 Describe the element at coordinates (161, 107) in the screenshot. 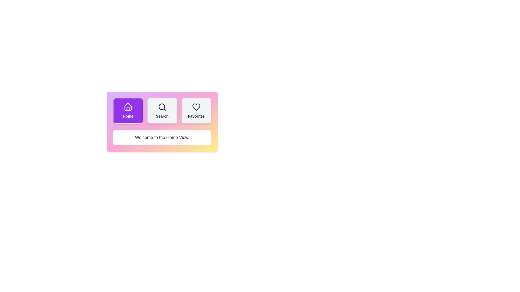

I see `the center of the inner circle of the 'Search' button, which is located in the middle of three buttons within a horizontally aligned card-style menu, positioned between 'Home' and 'Favorites'` at that location.